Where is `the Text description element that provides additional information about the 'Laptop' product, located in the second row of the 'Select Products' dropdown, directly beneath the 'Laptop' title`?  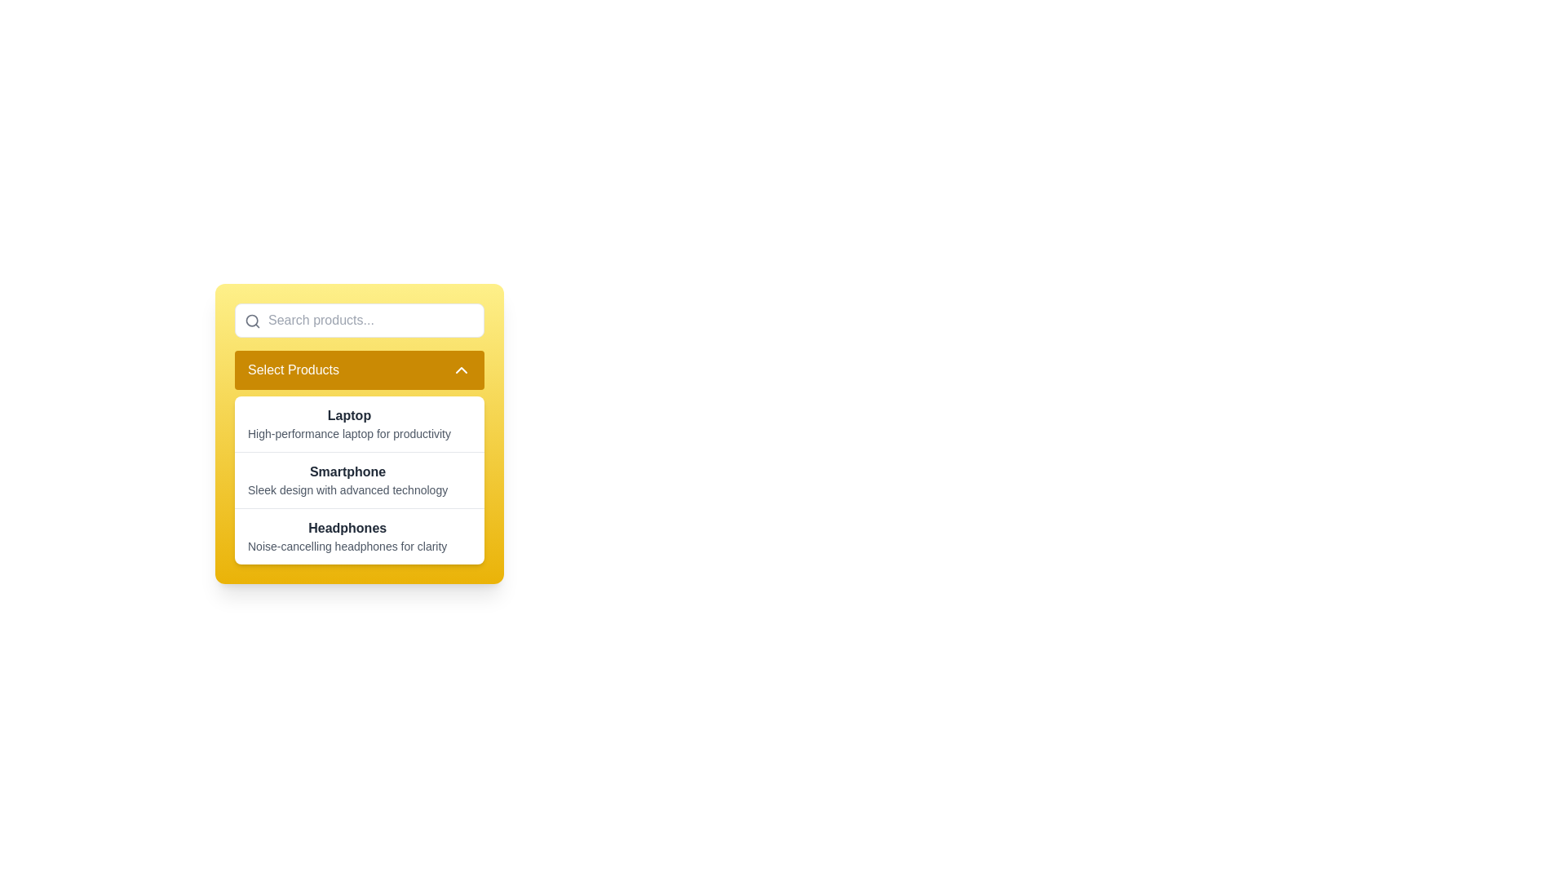
the Text description element that provides additional information about the 'Laptop' product, located in the second row of the 'Select Products' dropdown, directly beneath the 'Laptop' title is located at coordinates (348, 433).